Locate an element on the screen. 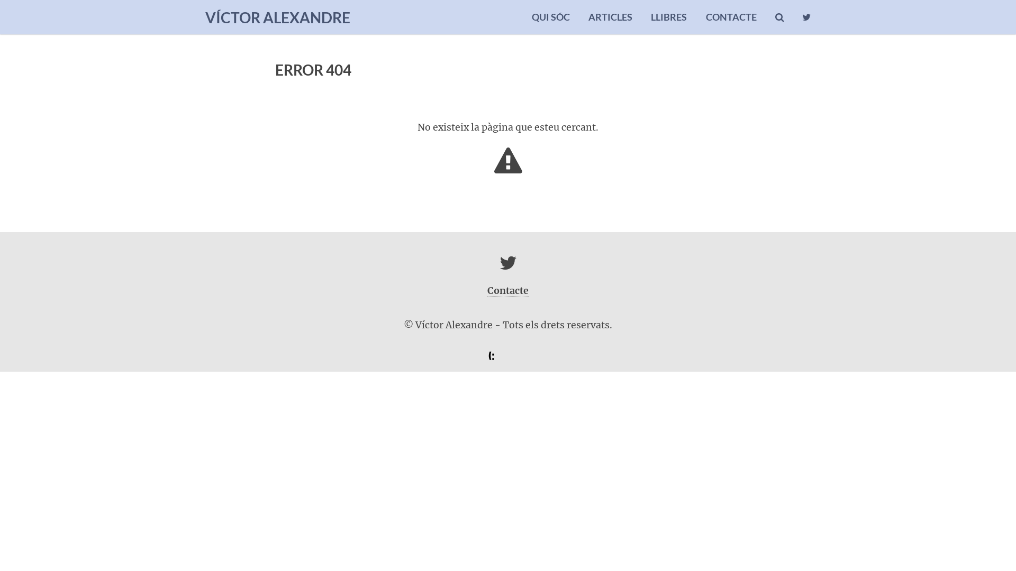  'Twitter' is located at coordinates (508, 266).